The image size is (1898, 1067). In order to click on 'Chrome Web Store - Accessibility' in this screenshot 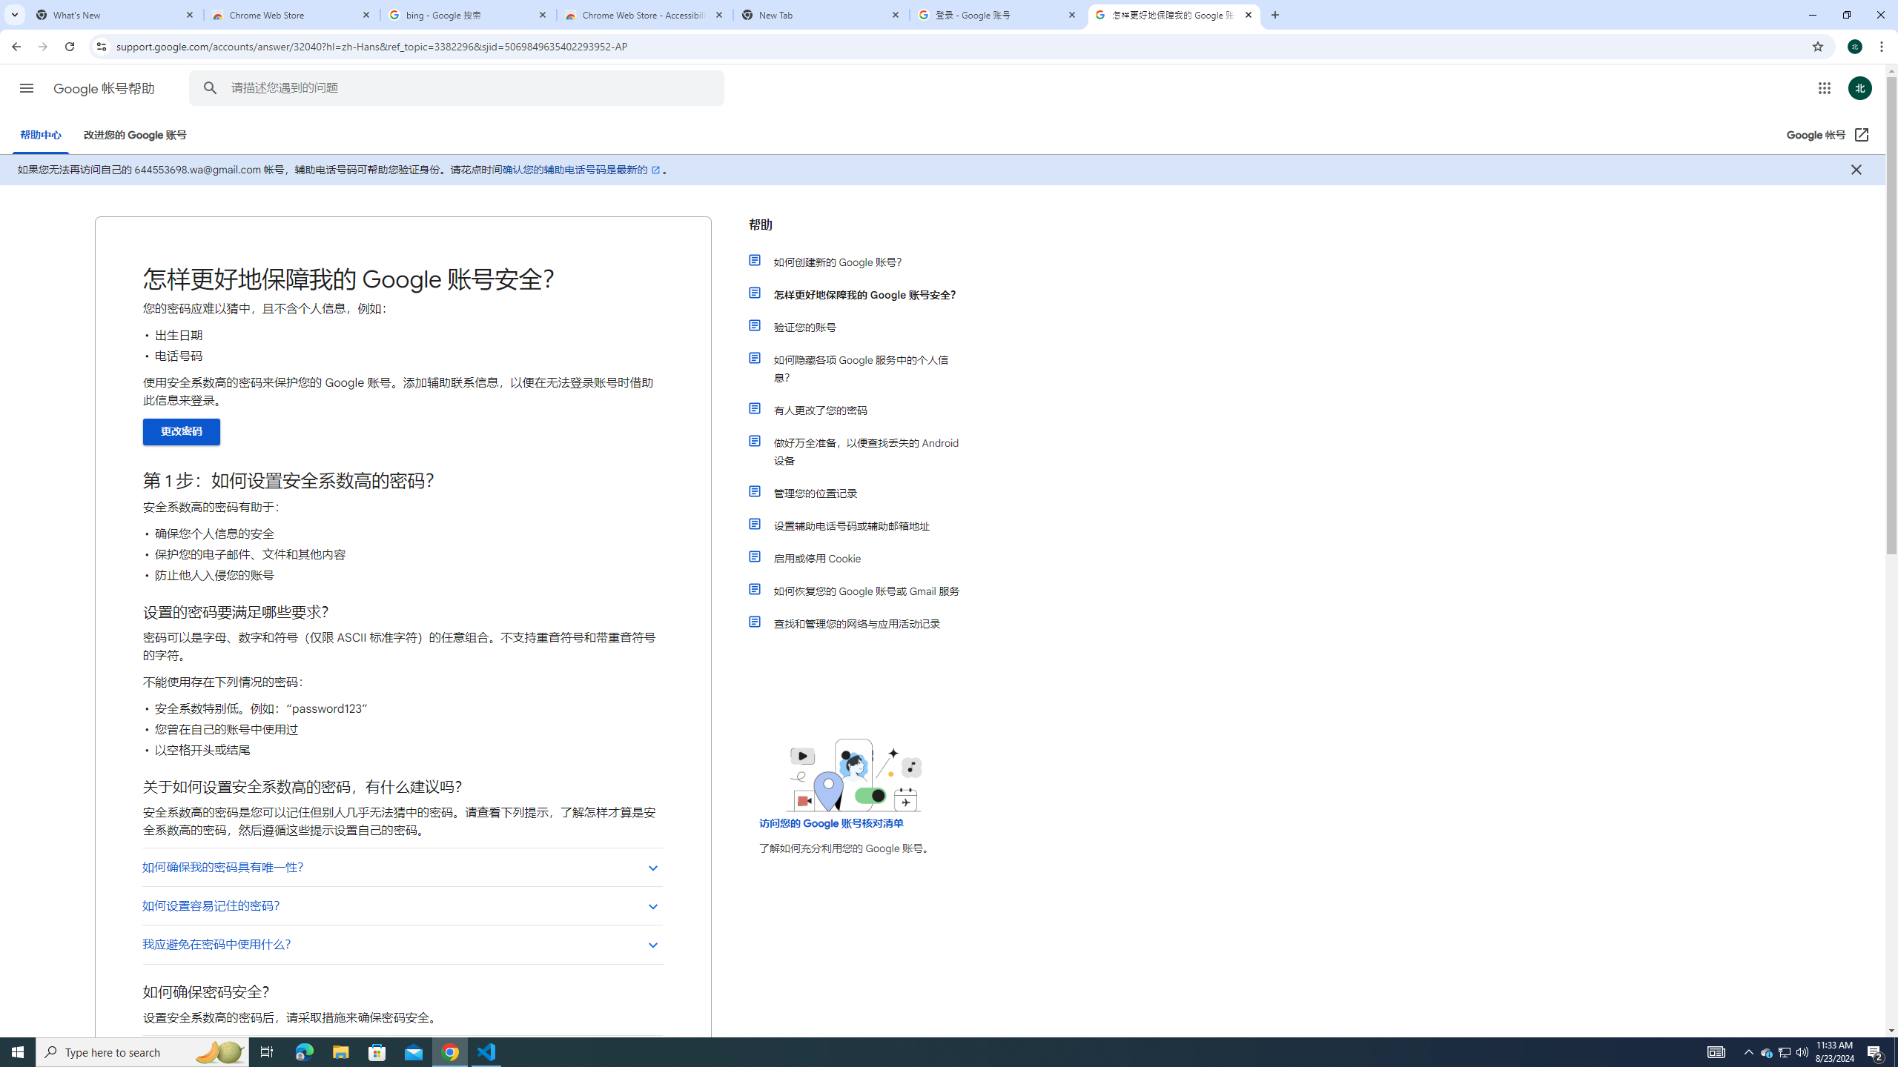, I will do `click(644, 14)`.